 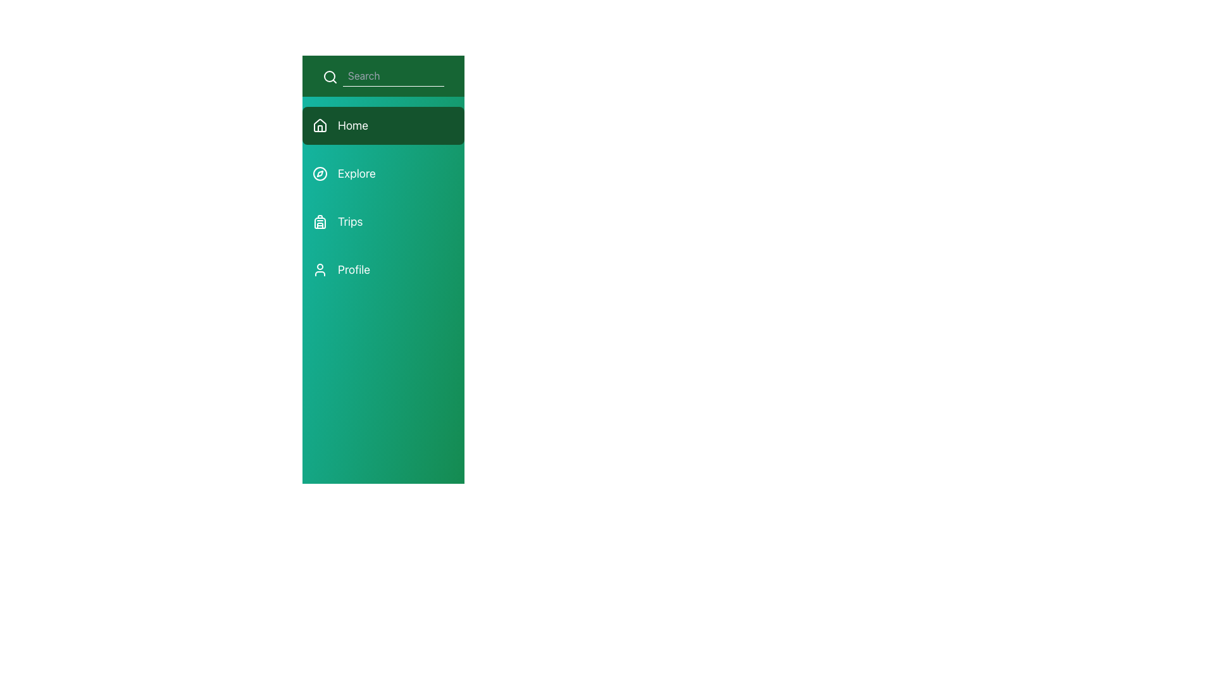 What do you see at coordinates (320, 221) in the screenshot?
I see `the backpack icon in the navigation menu, which is the third item labeled 'Trips' with a green background and a white line drawing` at bounding box center [320, 221].